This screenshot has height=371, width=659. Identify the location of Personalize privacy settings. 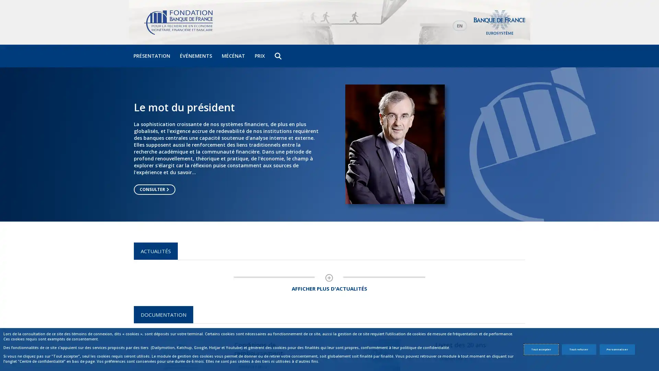
(617, 349).